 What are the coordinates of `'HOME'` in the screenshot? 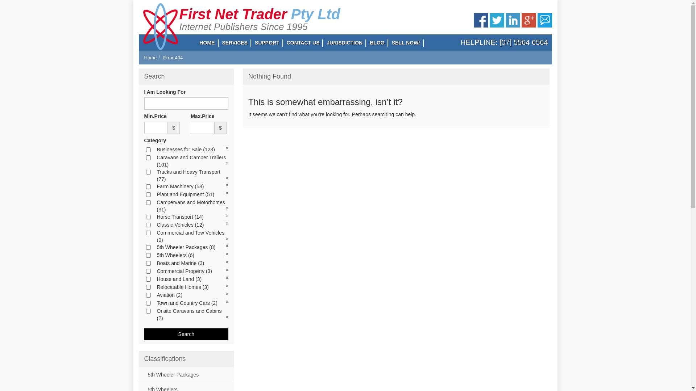 It's located at (207, 43).